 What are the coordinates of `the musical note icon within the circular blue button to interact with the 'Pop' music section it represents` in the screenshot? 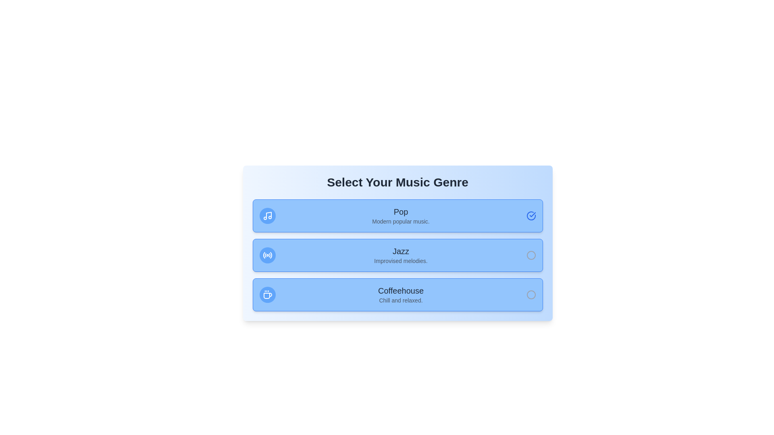 It's located at (267, 215).